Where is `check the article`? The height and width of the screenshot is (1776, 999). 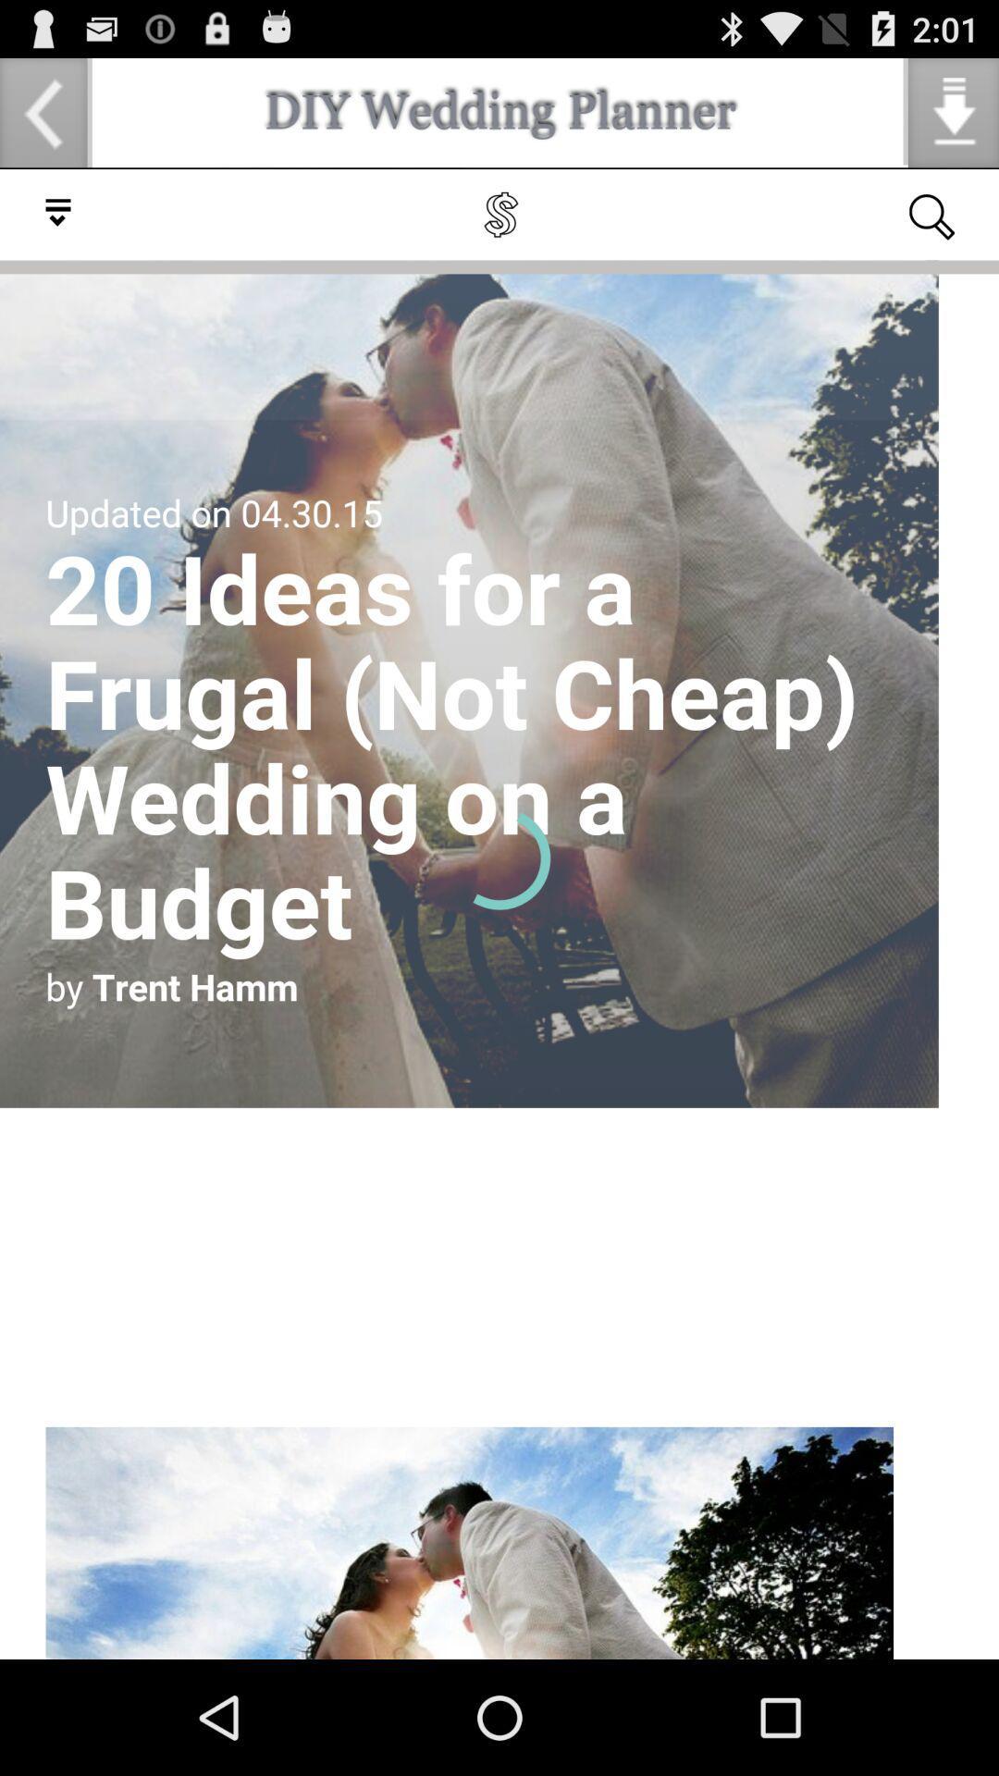 check the article is located at coordinates (499, 914).